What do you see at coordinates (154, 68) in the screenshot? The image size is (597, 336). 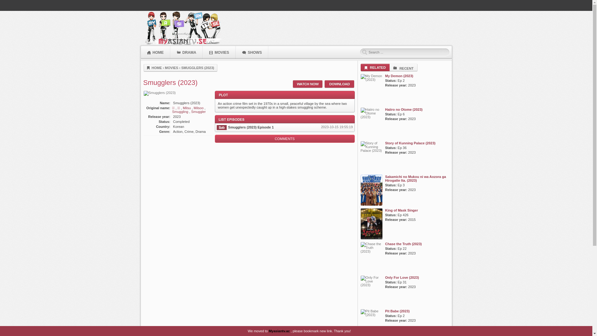 I see `'HOME'` at bounding box center [154, 68].